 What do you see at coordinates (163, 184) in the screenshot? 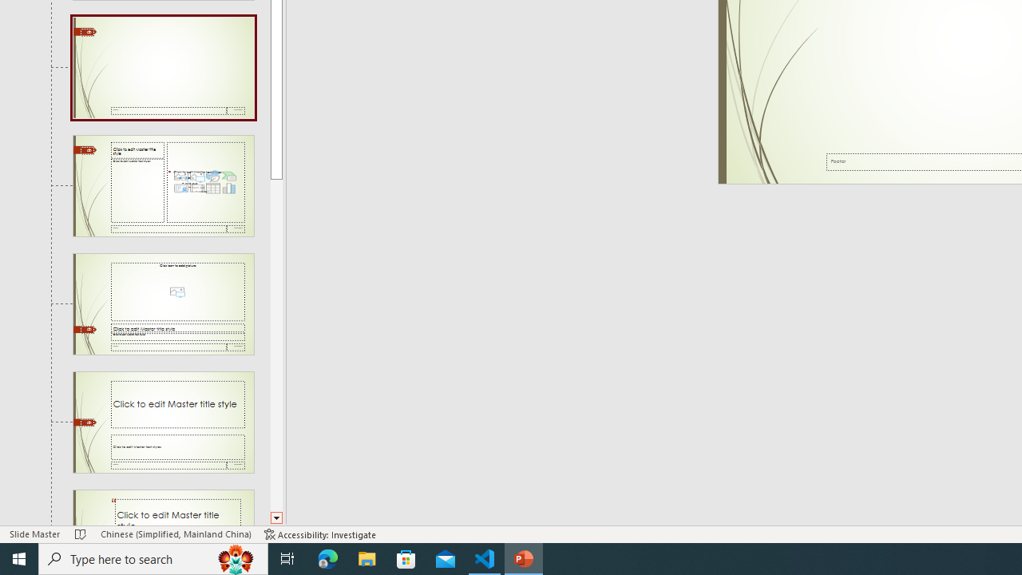
I see `'Slide Content with Caption Layout: used by no slides'` at bounding box center [163, 184].